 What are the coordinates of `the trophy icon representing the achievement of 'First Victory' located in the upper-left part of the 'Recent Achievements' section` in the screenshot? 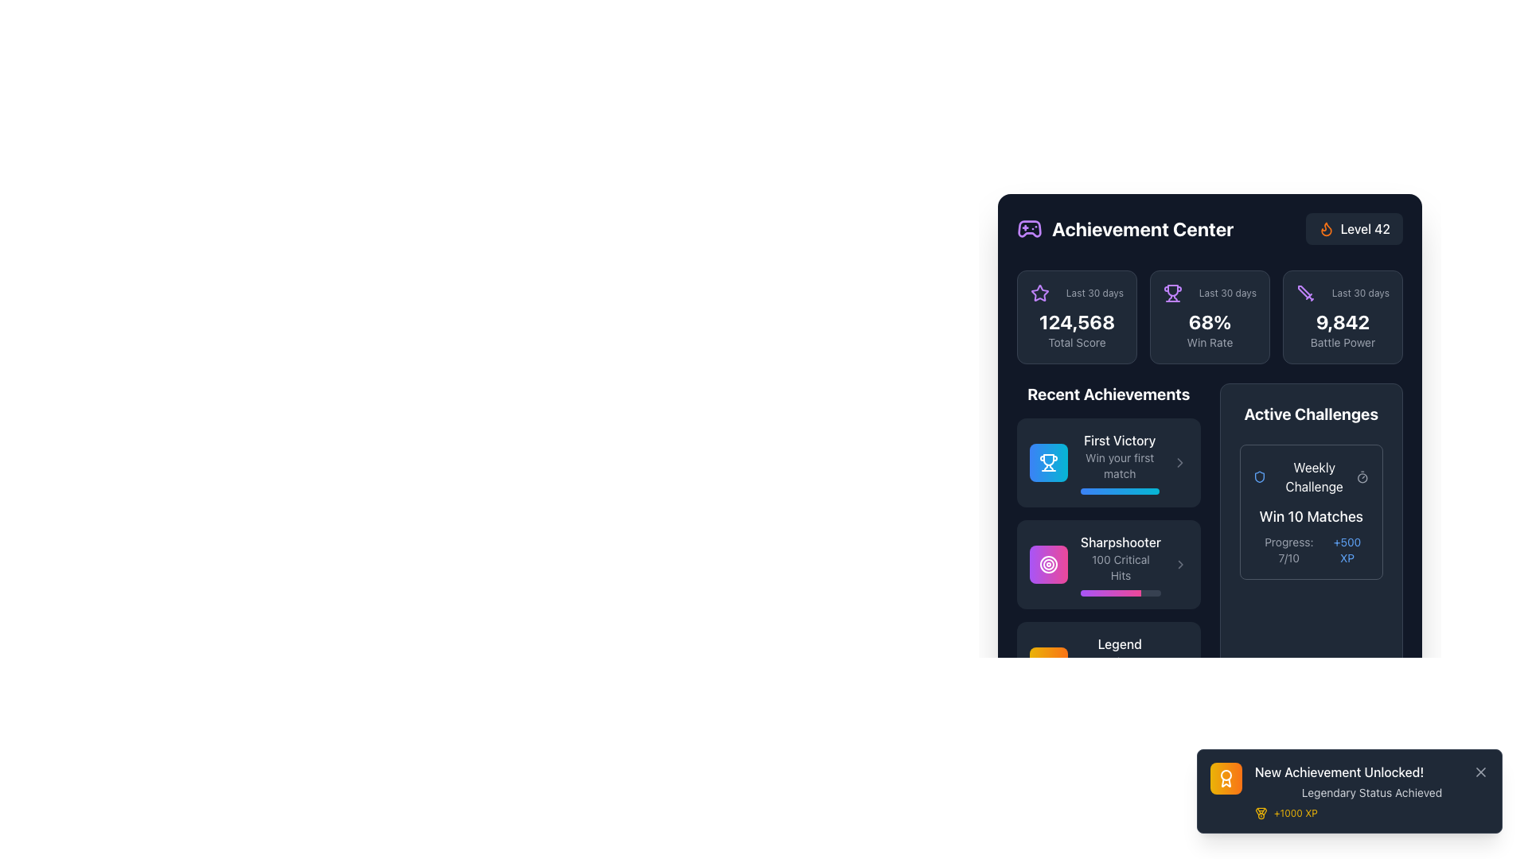 It's located at (1049, 463).